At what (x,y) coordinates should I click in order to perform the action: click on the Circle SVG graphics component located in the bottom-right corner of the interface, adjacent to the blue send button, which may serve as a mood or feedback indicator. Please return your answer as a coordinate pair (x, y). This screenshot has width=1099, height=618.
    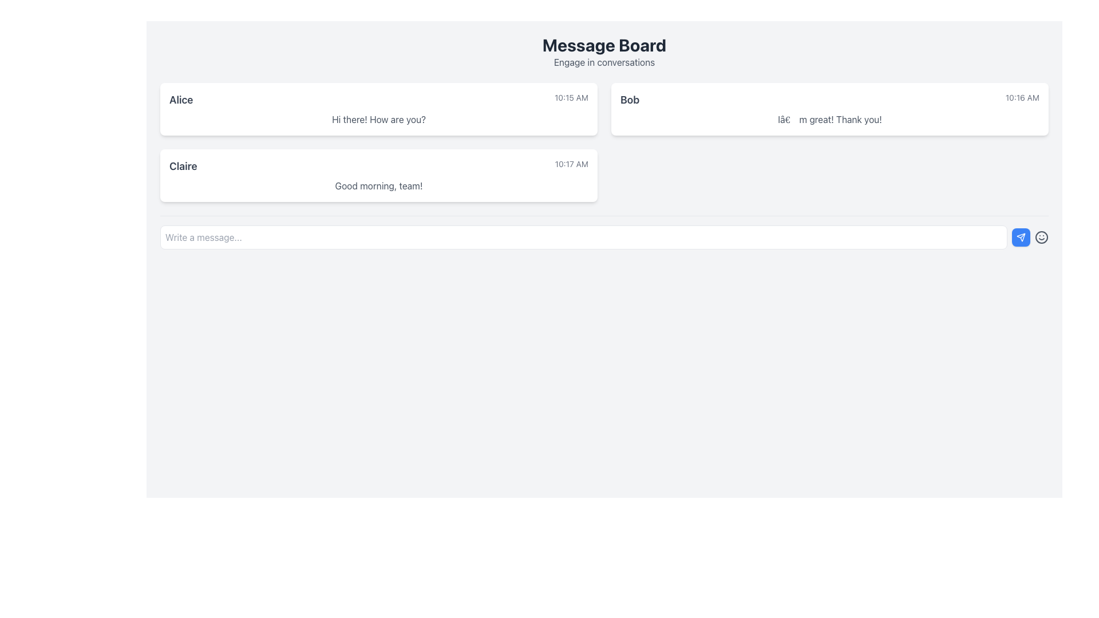
    Looking at the image, I should click on (1041, 237).